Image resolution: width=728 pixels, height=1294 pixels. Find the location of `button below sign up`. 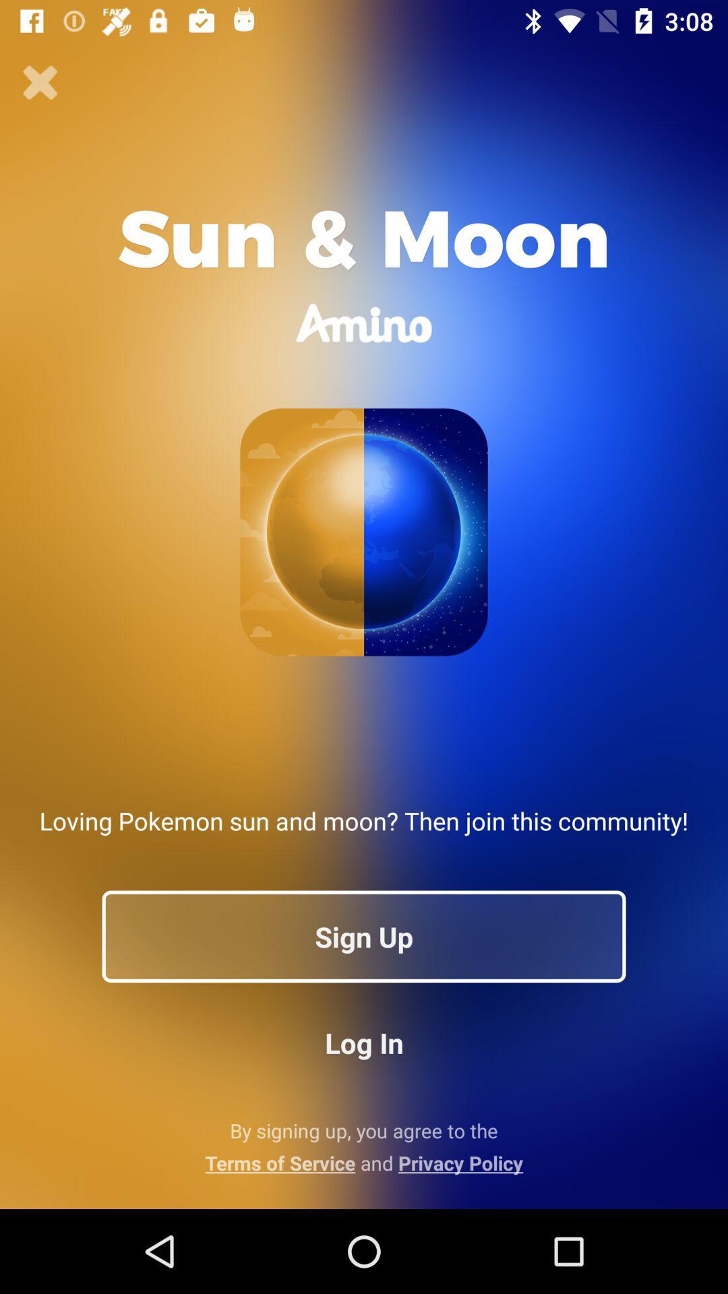

button below sign up is located at coordinates (364, 1042).